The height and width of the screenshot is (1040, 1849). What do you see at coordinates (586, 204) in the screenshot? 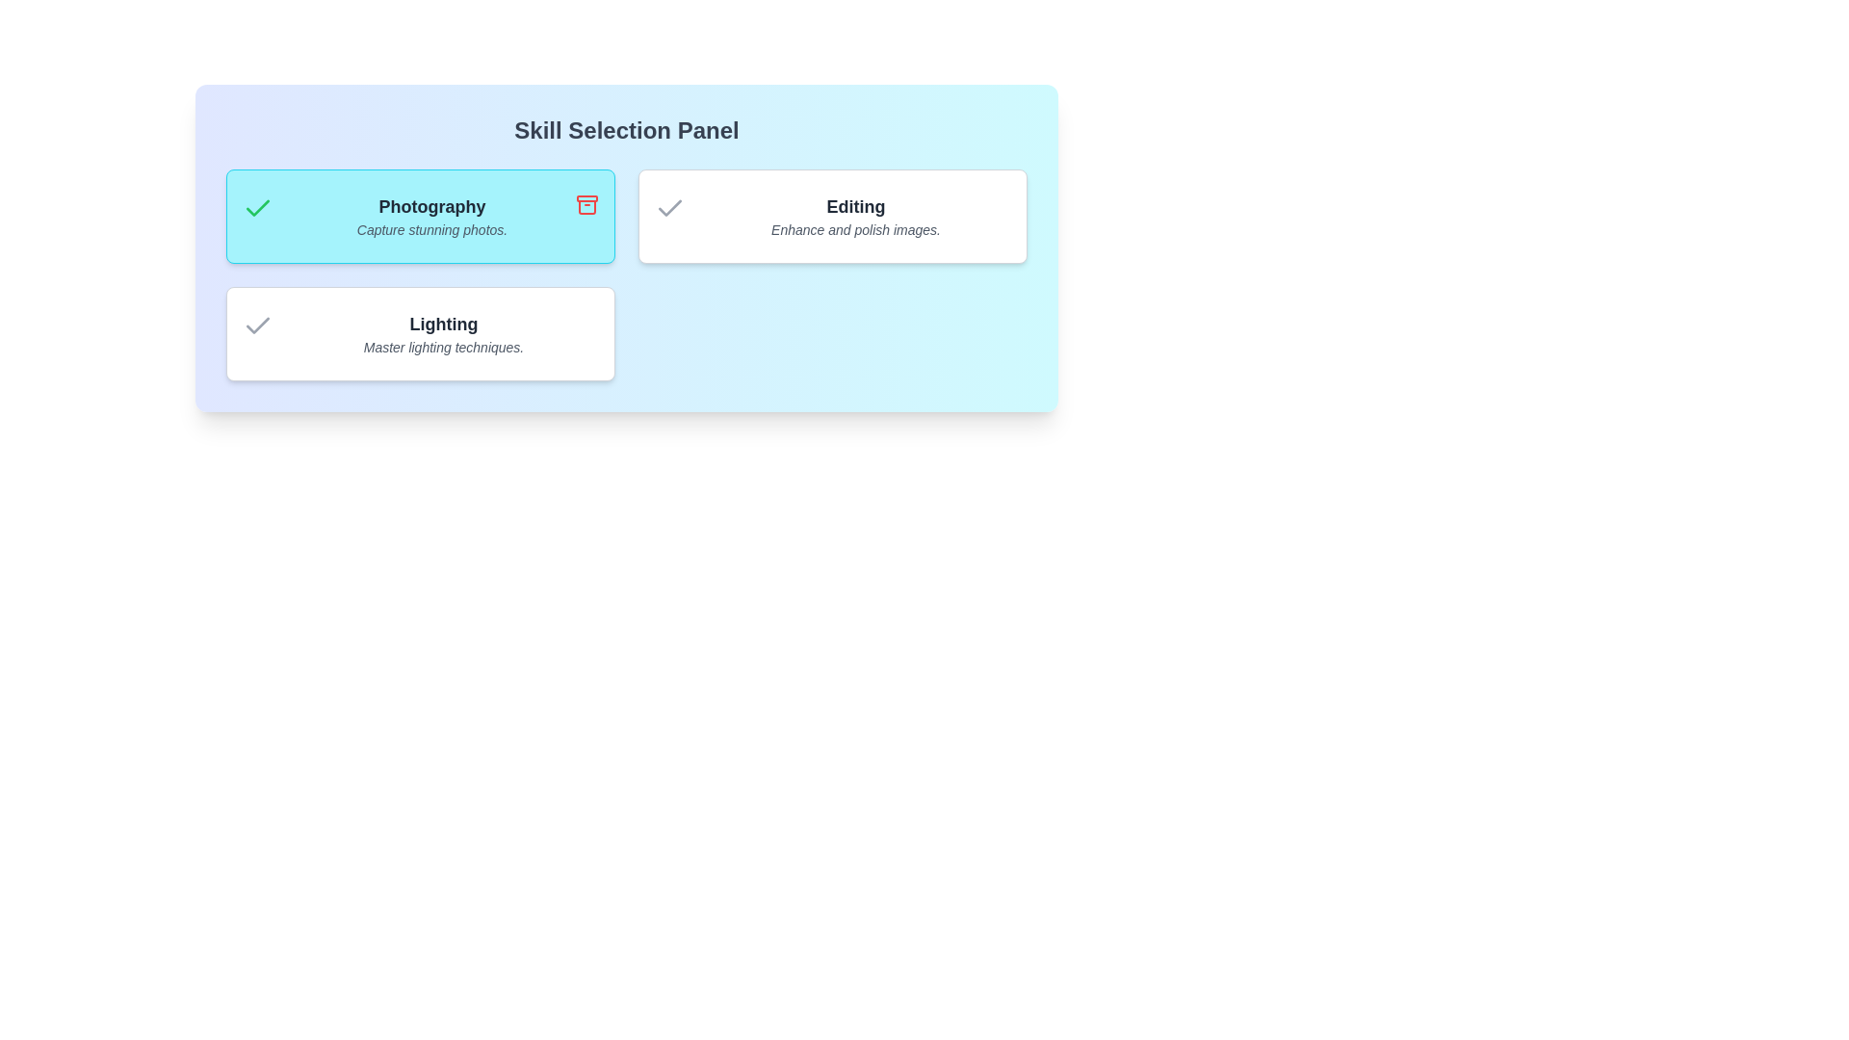
I see `the archive icon associated with the 'Photography' skill` at bounding box center [586, 204].